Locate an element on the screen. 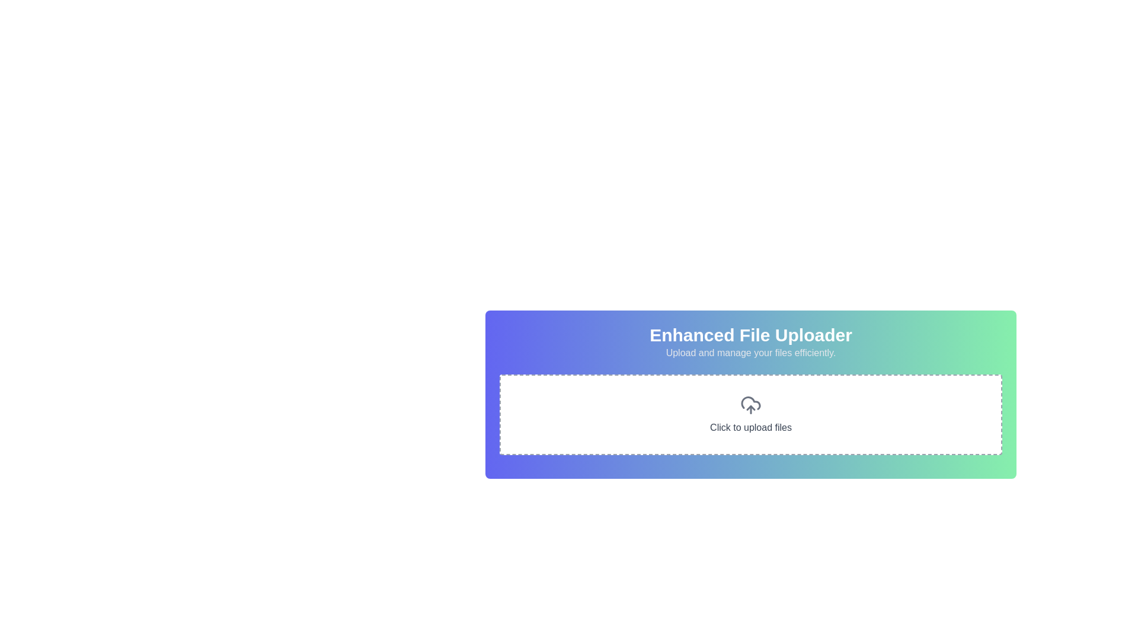 The image size is (1138, 640). the title text label indicating the purpose of the file uploading and management interface, positioned above the text 'Upload and manage your files efficiently.' is located at coordinates (750, 335).